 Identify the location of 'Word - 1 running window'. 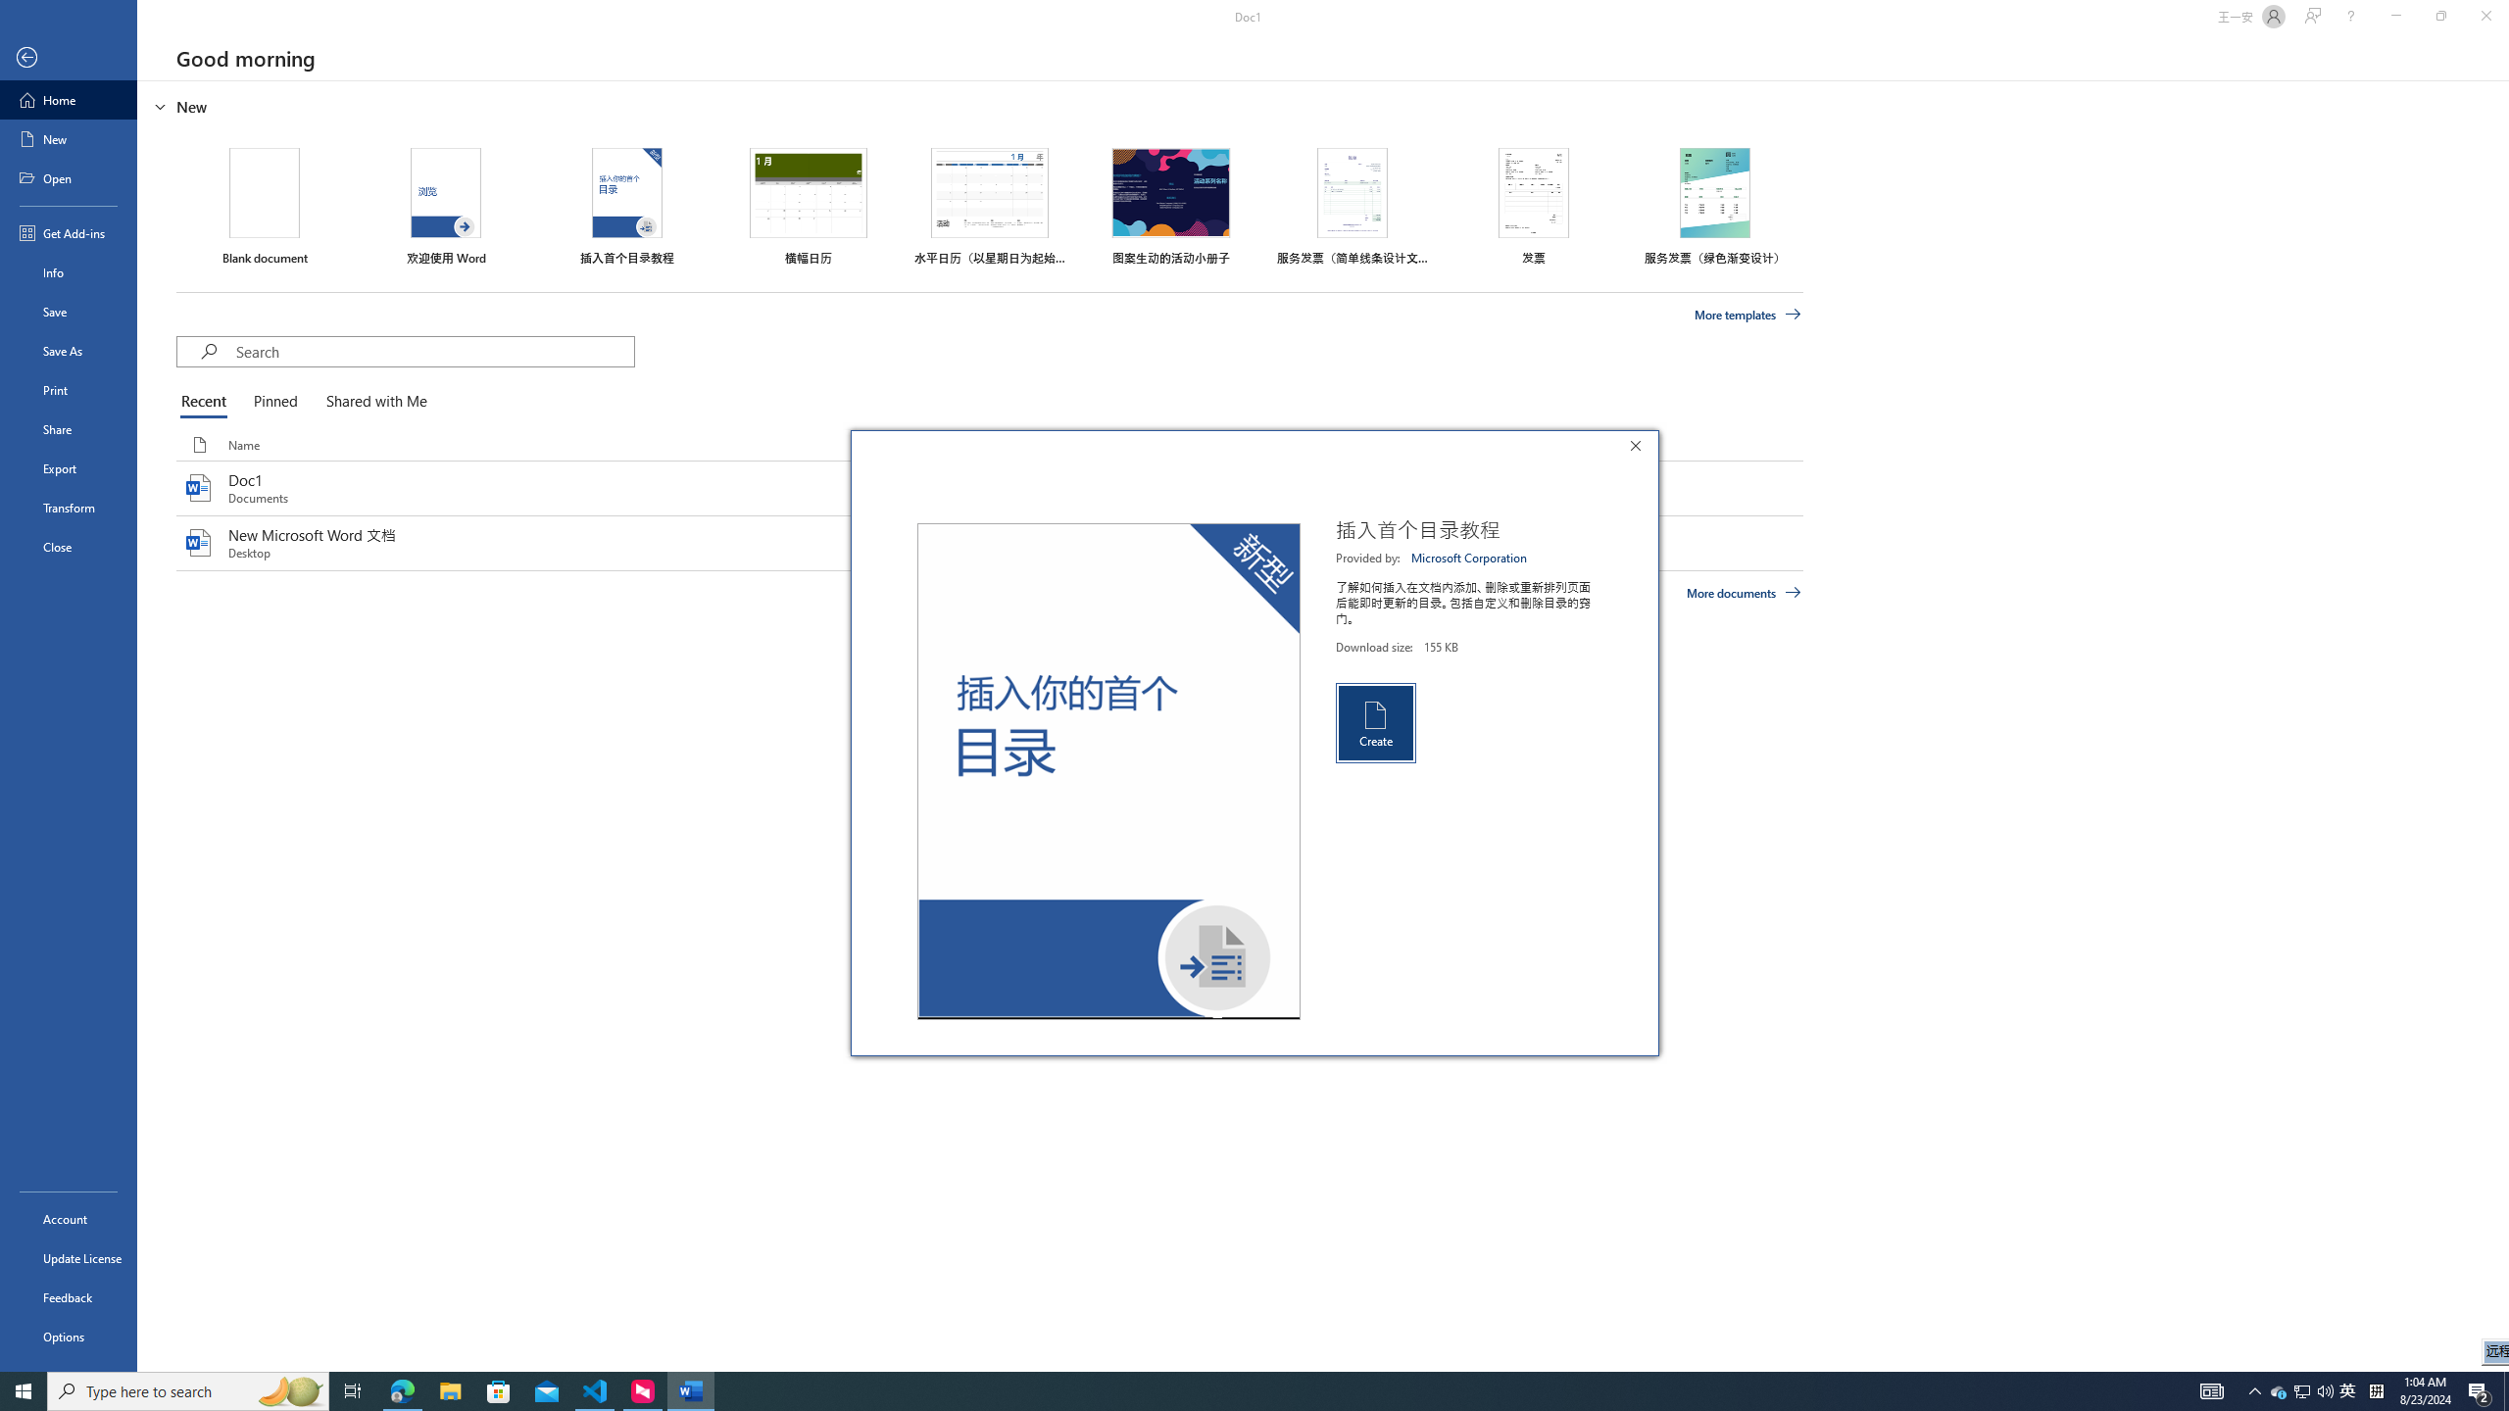
(691, 1389).